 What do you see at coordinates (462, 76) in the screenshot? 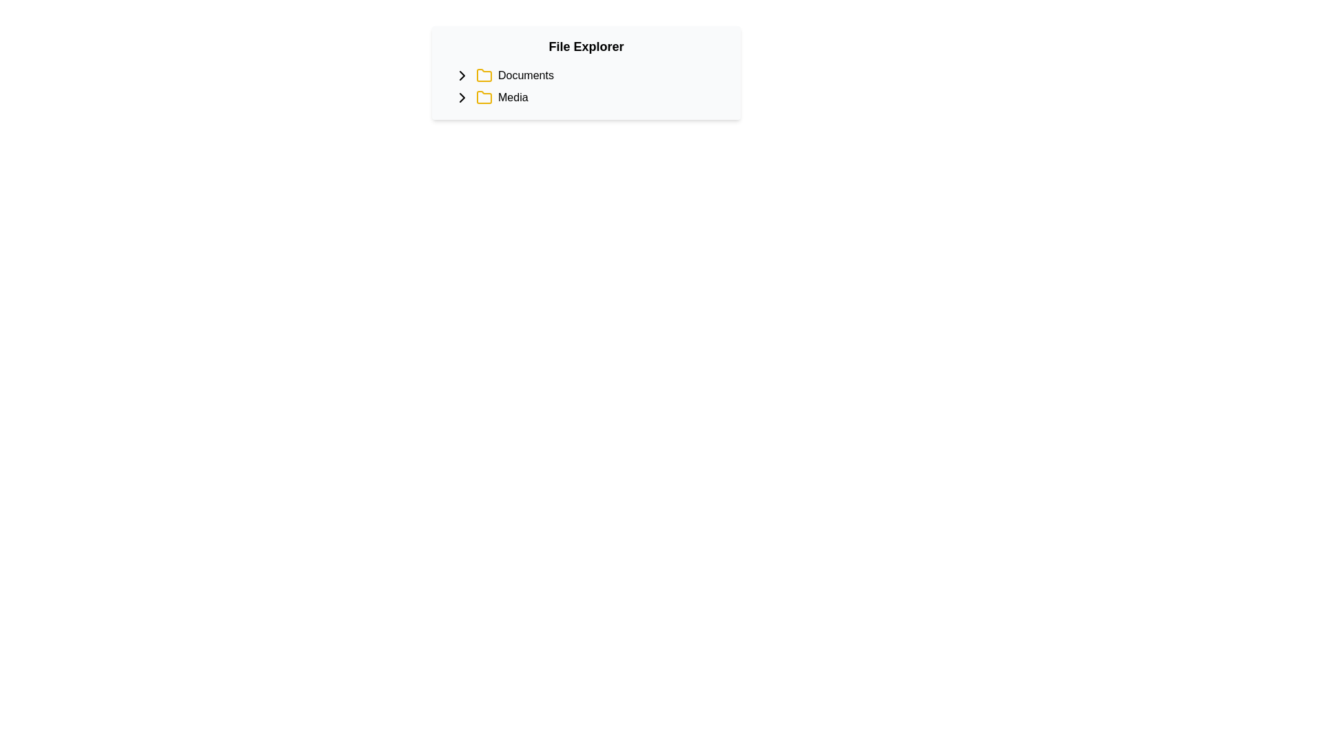
I see `the expandable arrow icon button located to the left of the 'Documents' label` at bounding box center [462, 76].